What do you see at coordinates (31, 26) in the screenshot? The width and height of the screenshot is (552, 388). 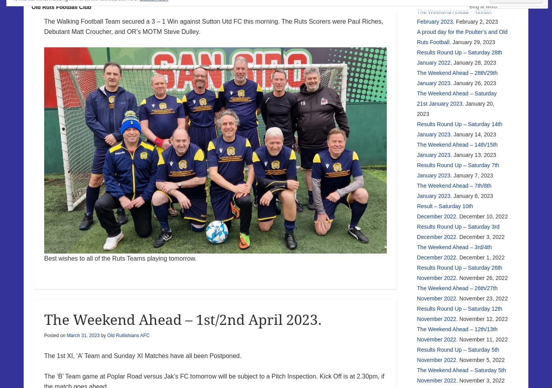 I see `'Old Ruts Football Club'` at bounding box center [31, 26].